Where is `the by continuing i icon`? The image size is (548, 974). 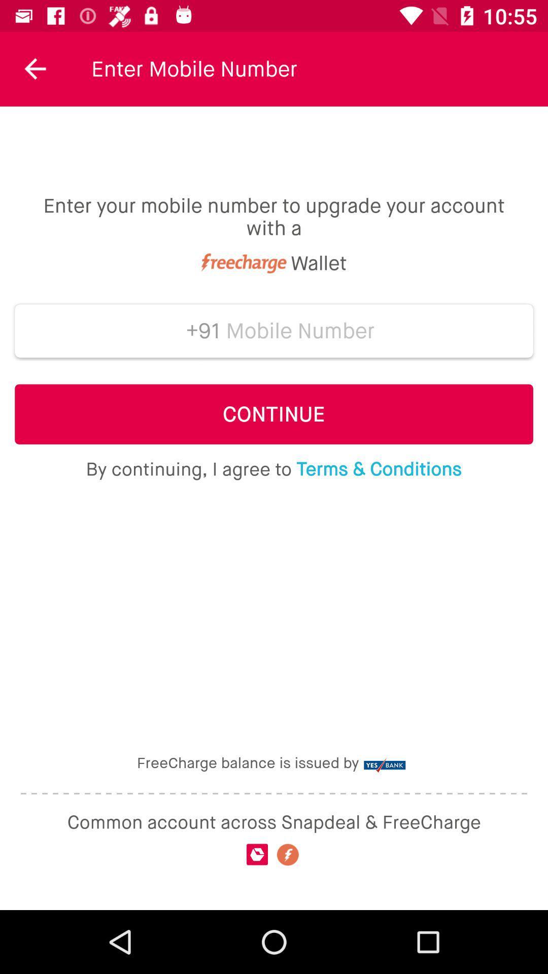 the by continuing i icon is located at coordinates (273, 469).